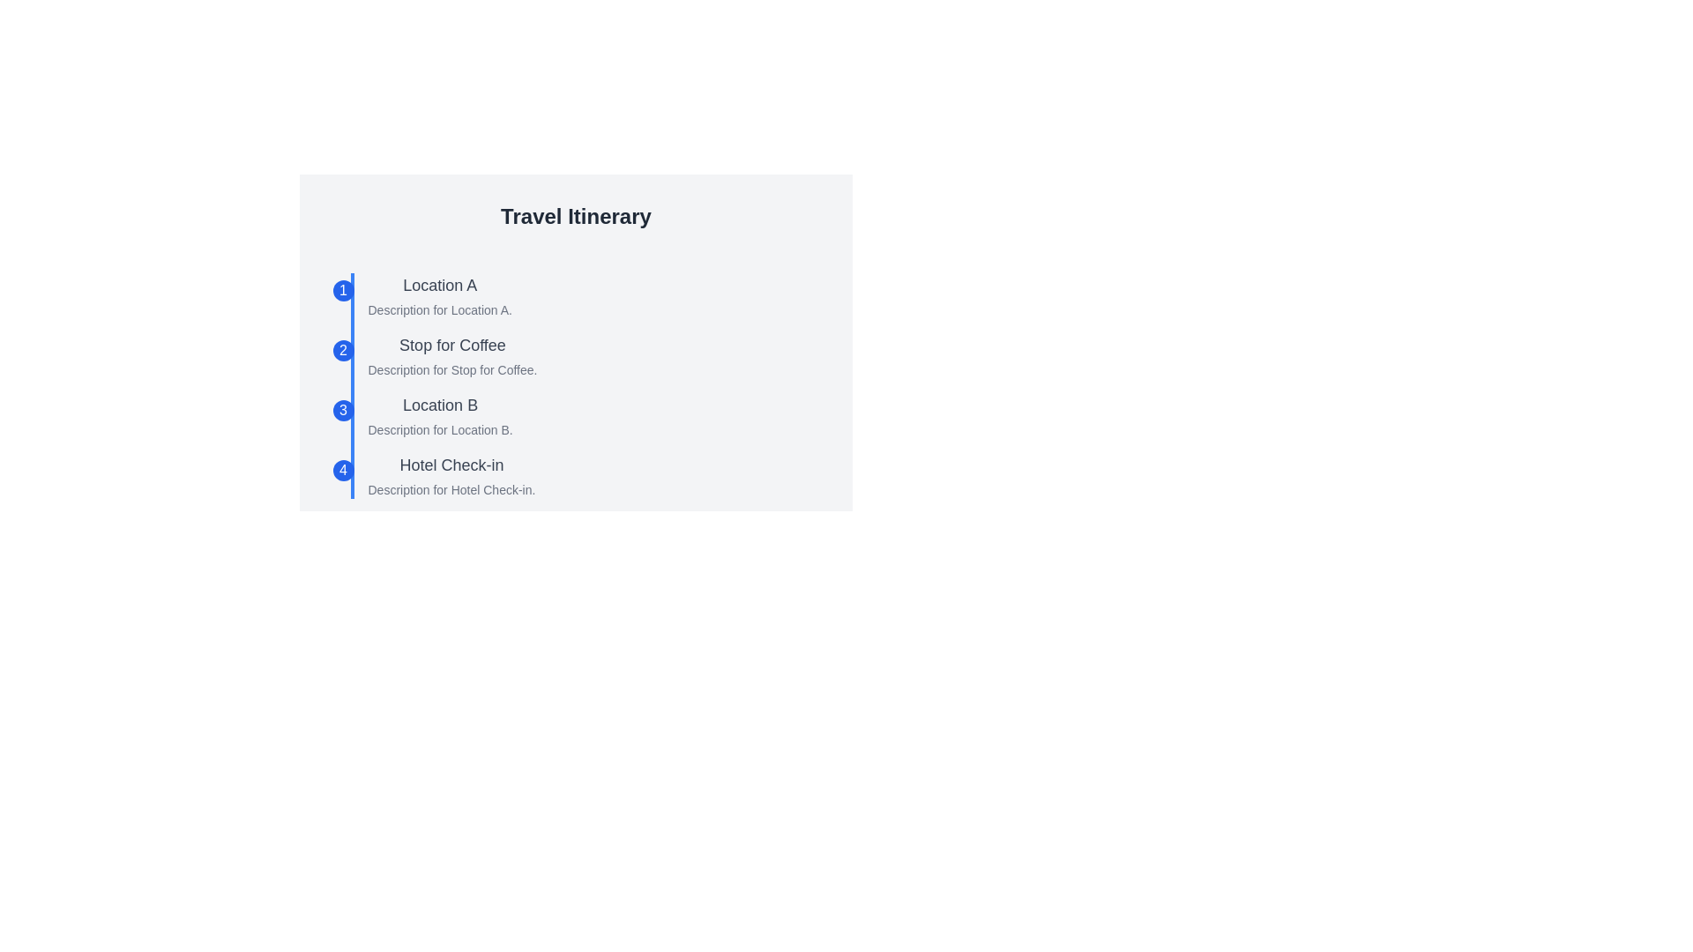 This screenshot has width=1693, height=952. I want to click on the interactive text label 'Stop for Coffee' which serves as a title in the timeline section, located under the second item between 'Location A' and 'Location B', so click(452, 346).